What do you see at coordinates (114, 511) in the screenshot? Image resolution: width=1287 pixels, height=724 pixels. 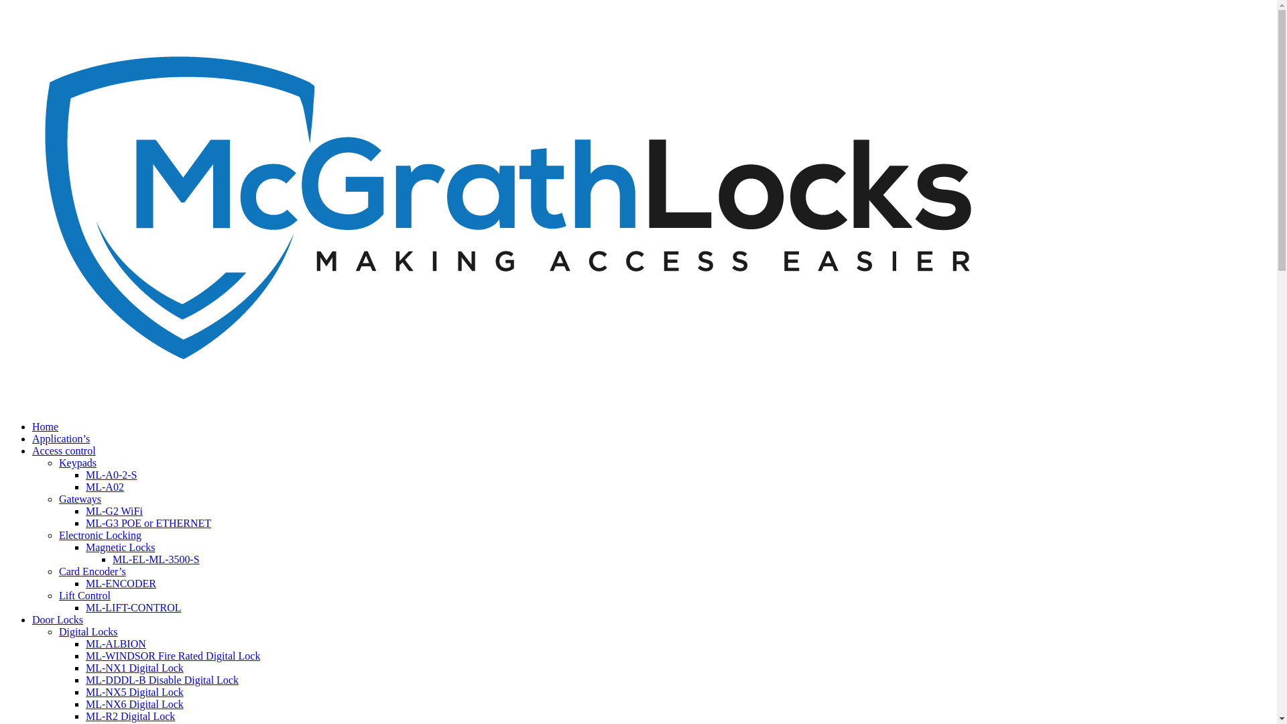 I see `'ML-G2 WiFi'` at bounding box center [114, 511].